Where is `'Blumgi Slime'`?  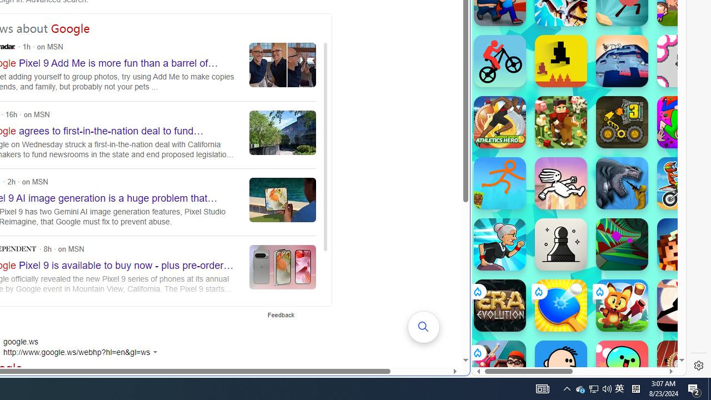 'Blumgi Slime' is located at coordinates (622, 366).